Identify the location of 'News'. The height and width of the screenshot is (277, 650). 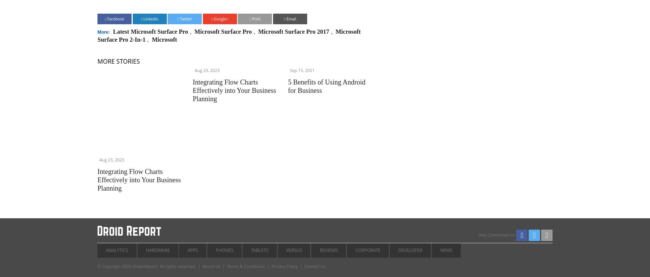
(446, 250).